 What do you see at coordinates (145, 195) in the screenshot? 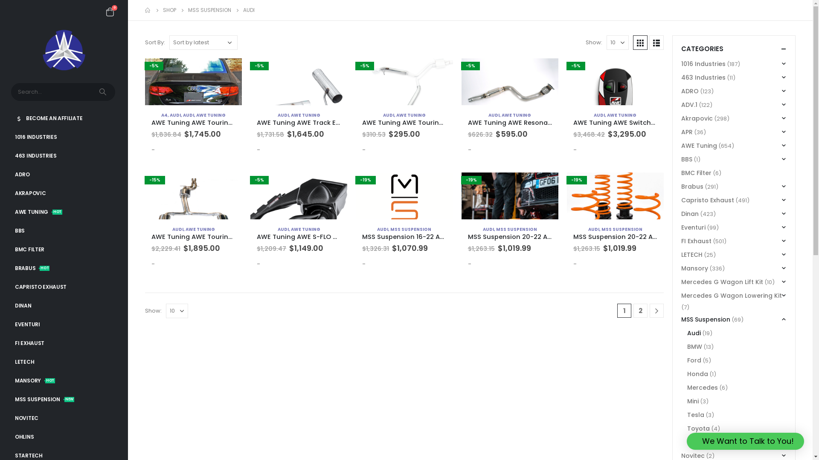
I see `'-15%'` at bounding box center [145, 195].